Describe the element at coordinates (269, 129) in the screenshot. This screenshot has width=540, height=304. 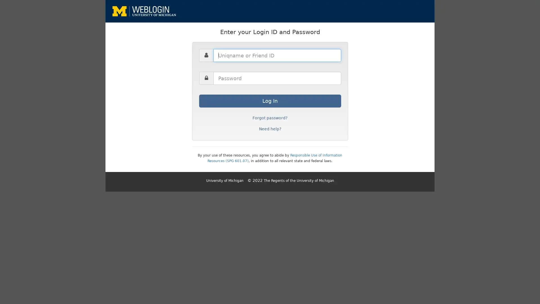
I see `Need help?` at that location.